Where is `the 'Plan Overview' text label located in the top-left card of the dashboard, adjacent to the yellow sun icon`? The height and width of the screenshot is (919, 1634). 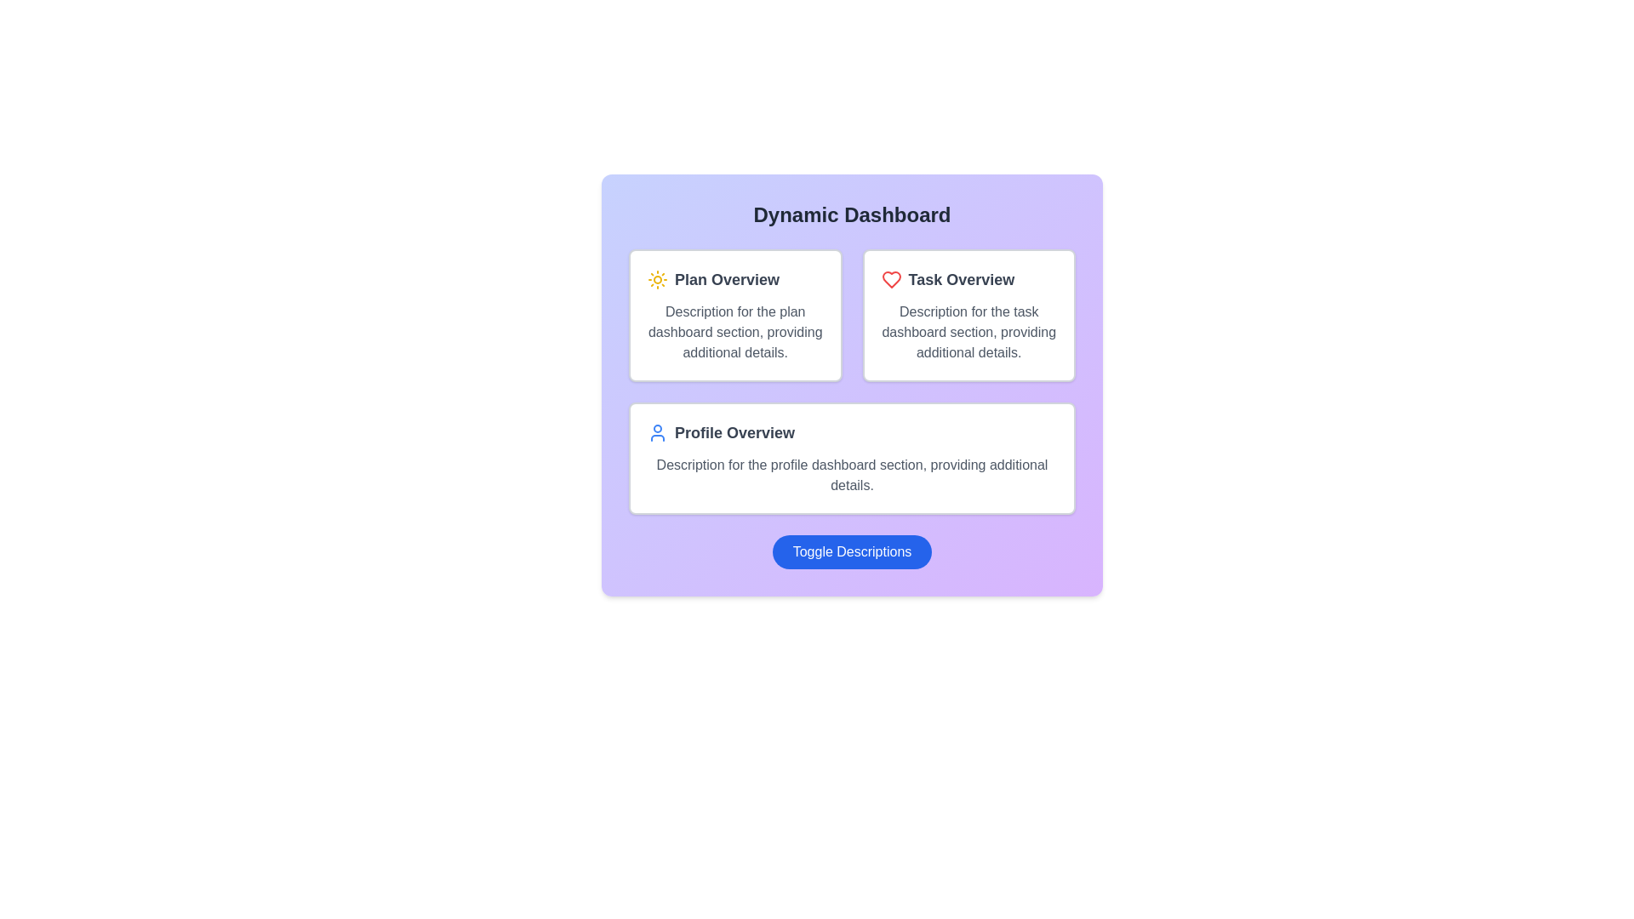 the 'Plan Overview' text label located in the top-left card of the dashboard, adjacent to the yellow sun icon is located at coordinates (727, 278).